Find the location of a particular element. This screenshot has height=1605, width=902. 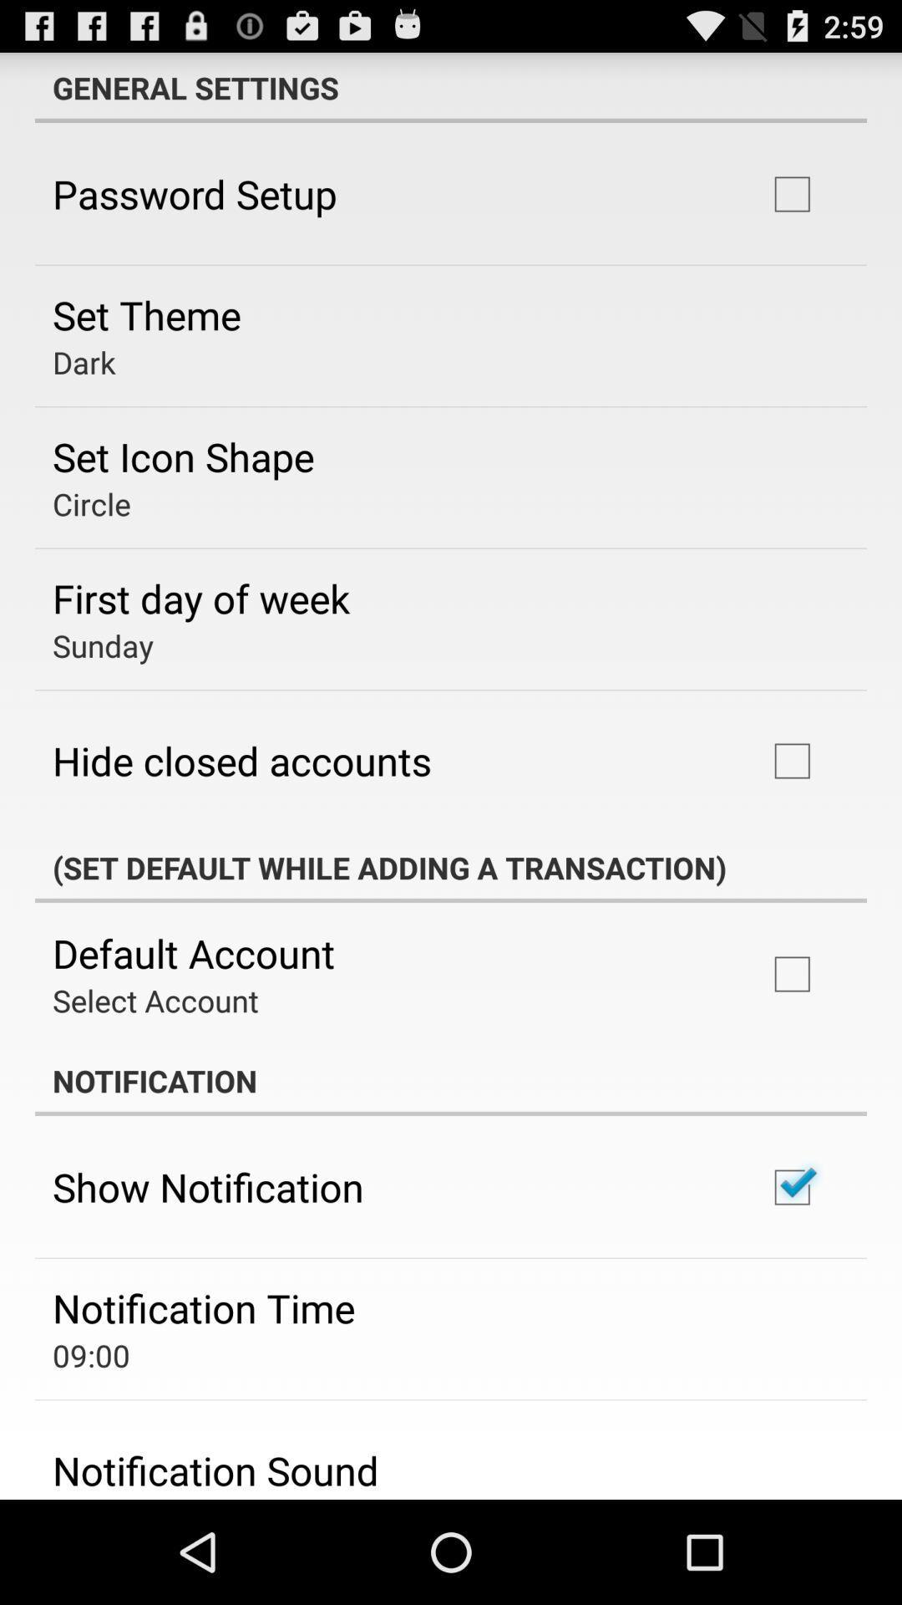

the app at the center is located at coordinates (451, 867).